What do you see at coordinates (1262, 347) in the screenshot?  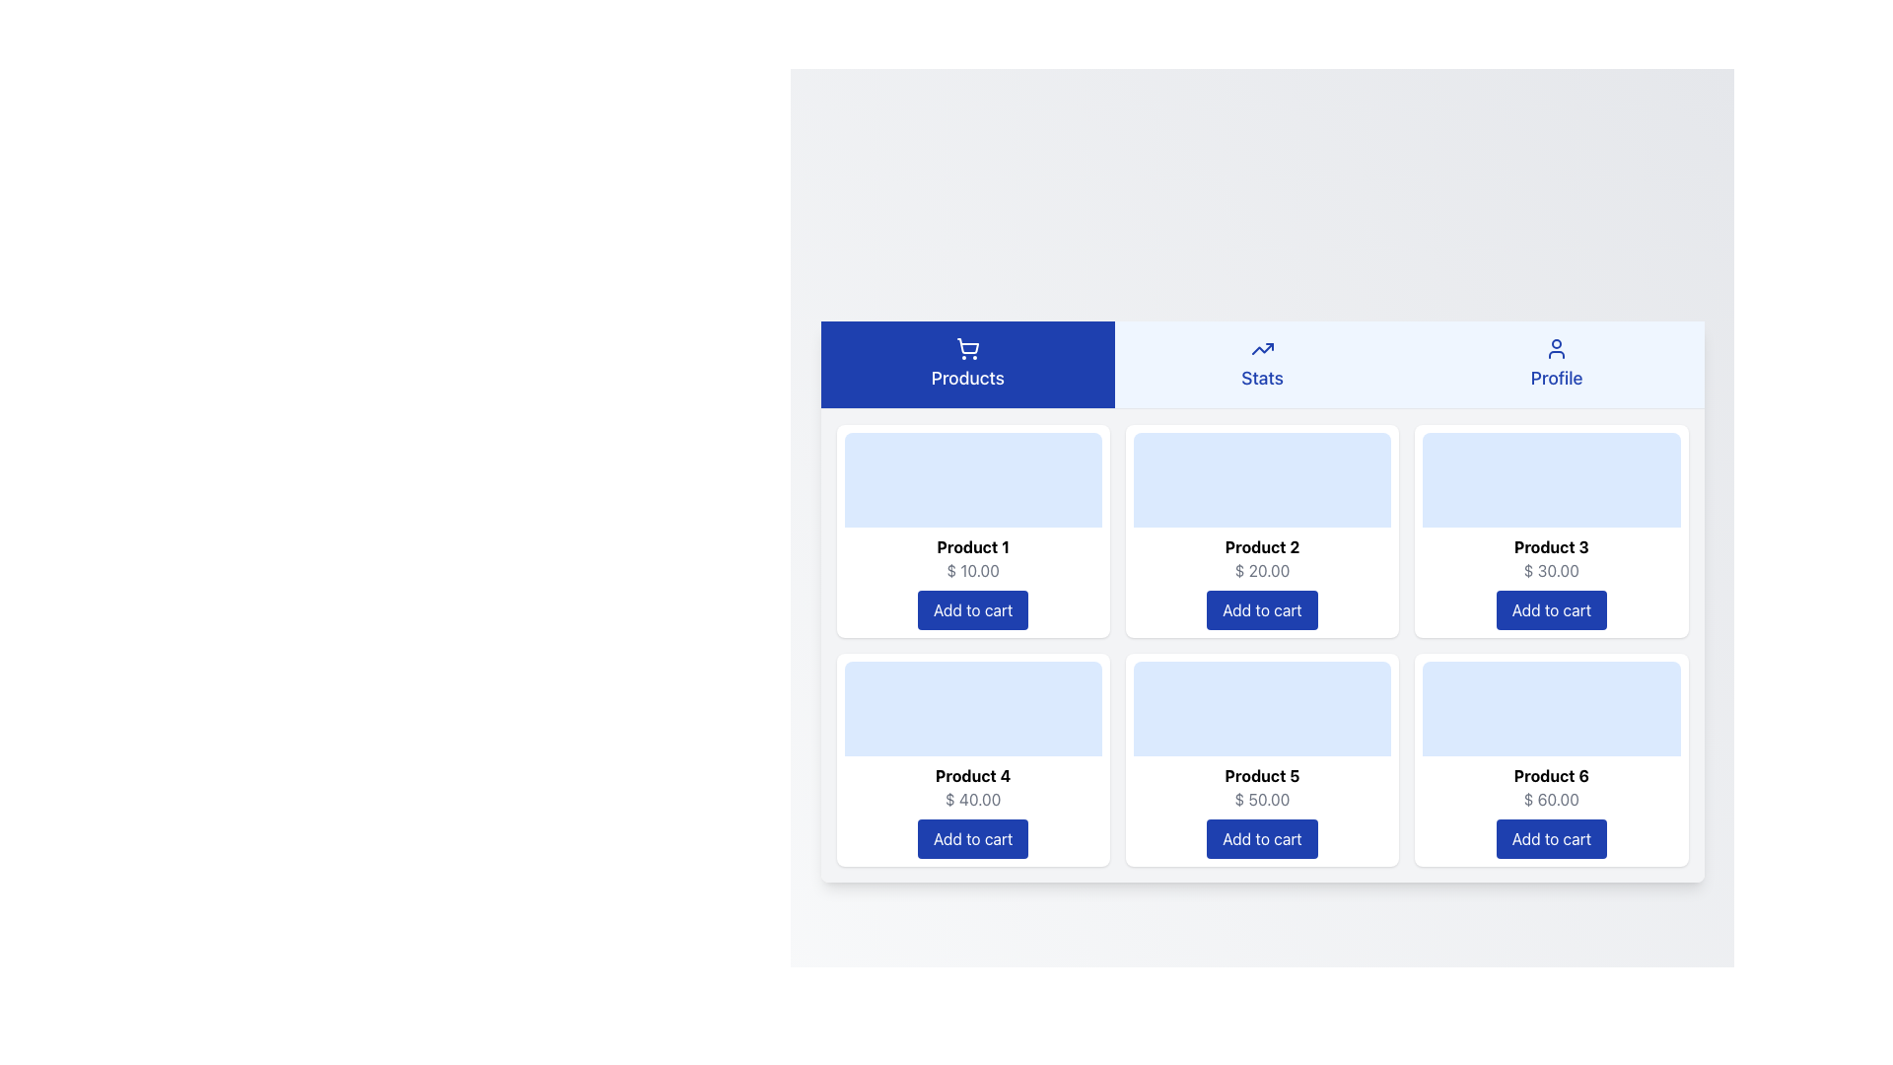 I see `the 'Stats' SVG Icon, which represents the statistical data section of the application, located centrally between the 'Products' and 'Profile' tabs` at bounding box center [1262, 347].